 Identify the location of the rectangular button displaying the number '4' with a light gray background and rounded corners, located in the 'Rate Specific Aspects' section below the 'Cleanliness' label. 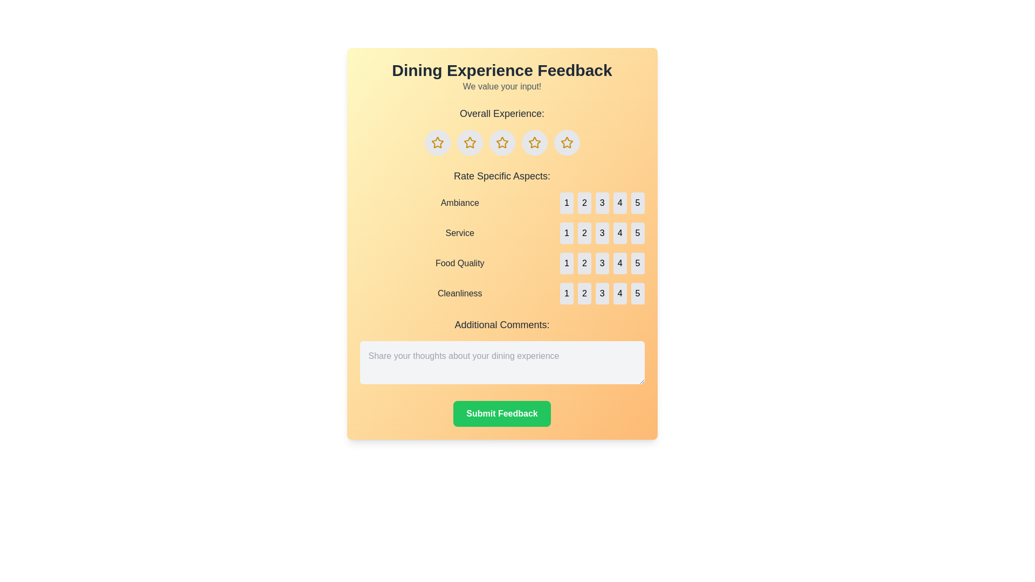
(620, 293).